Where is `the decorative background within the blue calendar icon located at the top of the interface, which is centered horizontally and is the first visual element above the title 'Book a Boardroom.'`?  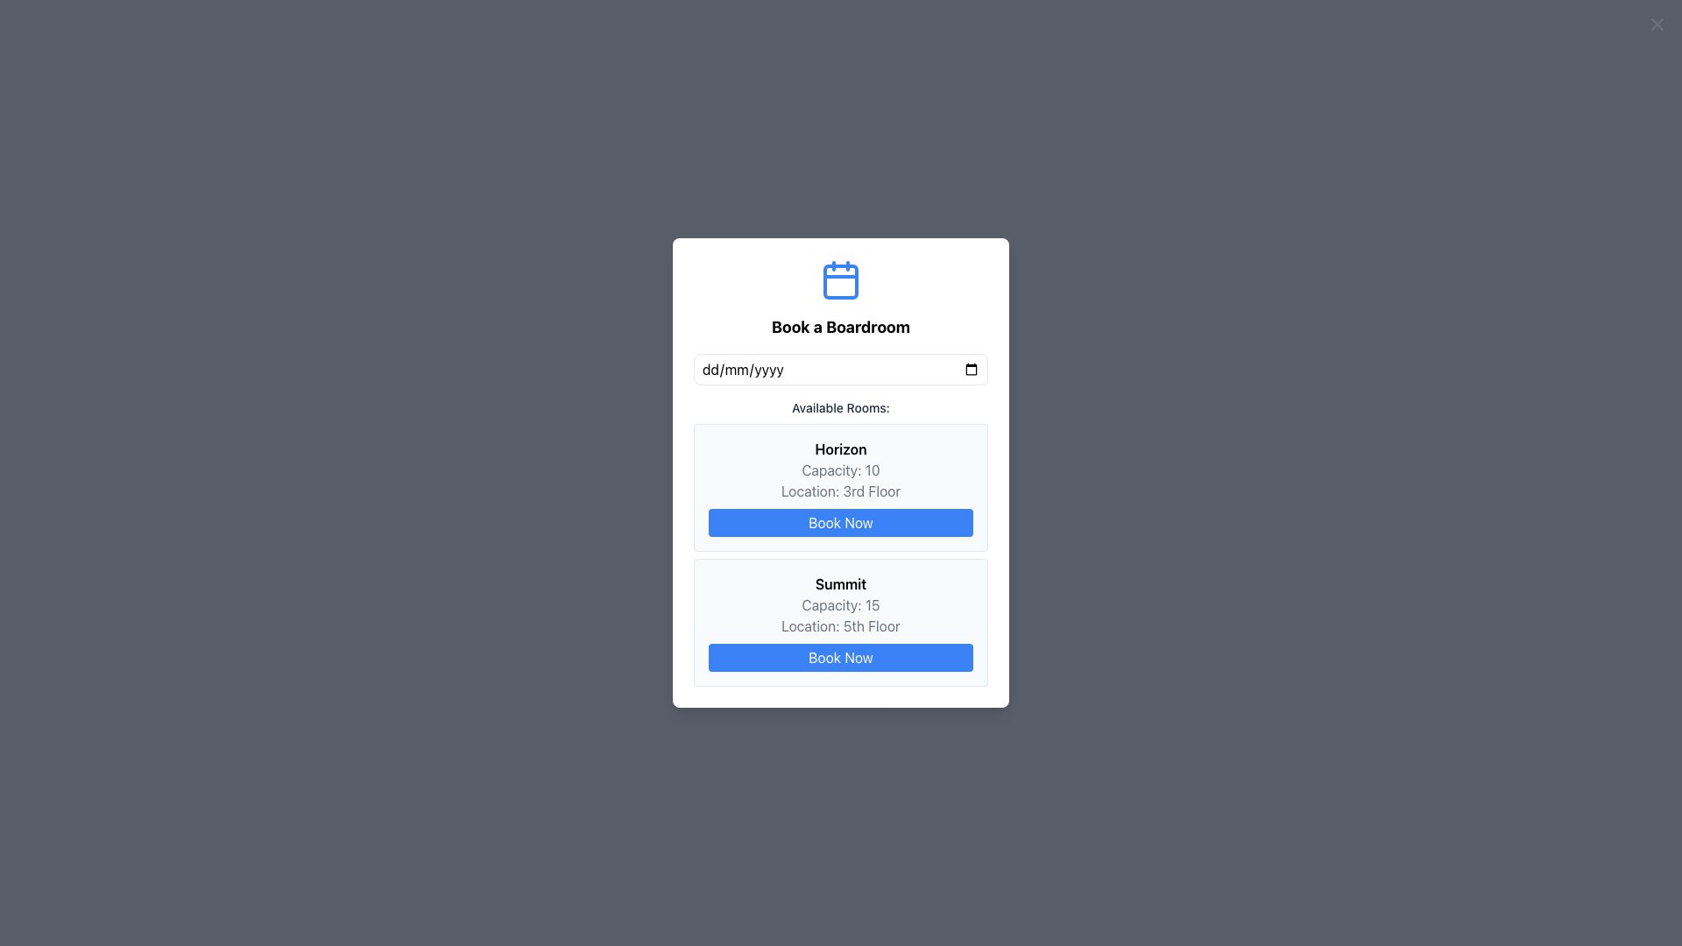 the decorative background within the blue calendar icon located at the top of the interface, which is centered horizontally and is the first visual element above the title 'Book a Boardroom.' is located at coordinates (841, 280).